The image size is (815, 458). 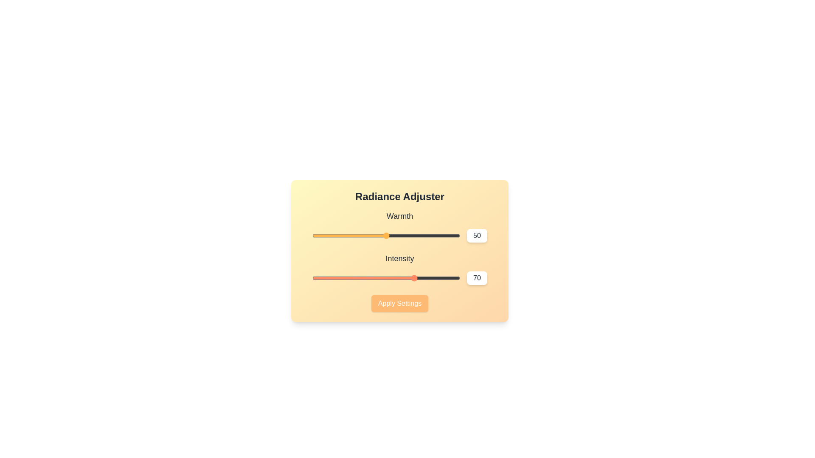 What do you see at coordinates (380, 235) in the screenshot?
I see `the 'Warmth' slider to 46` at bounding box center [380, 235].